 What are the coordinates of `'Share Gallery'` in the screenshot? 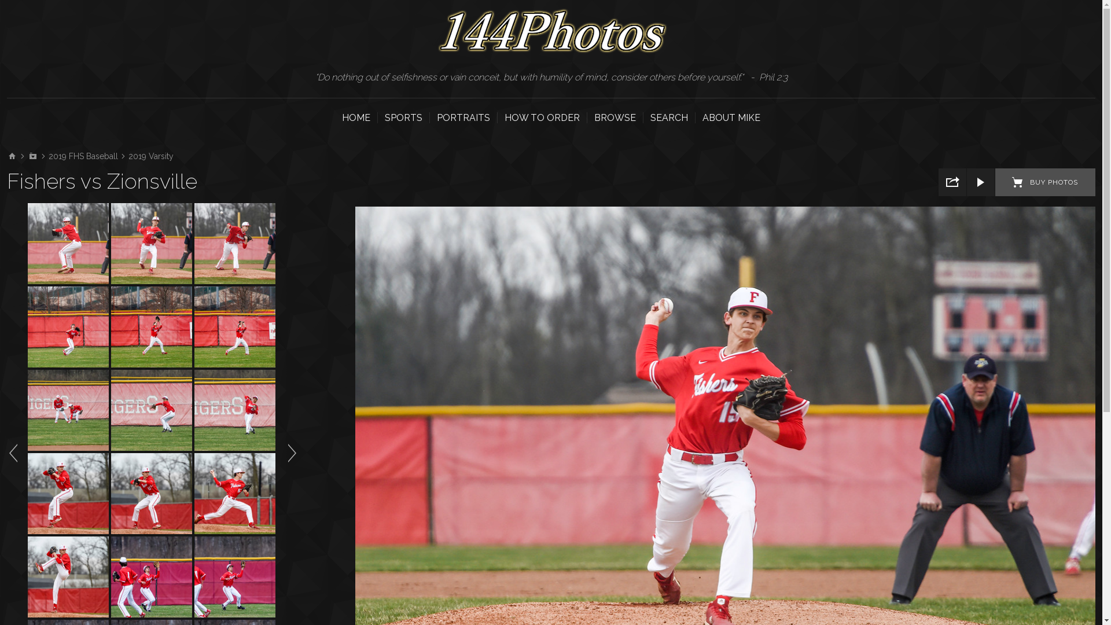 It's located at (939, 182).